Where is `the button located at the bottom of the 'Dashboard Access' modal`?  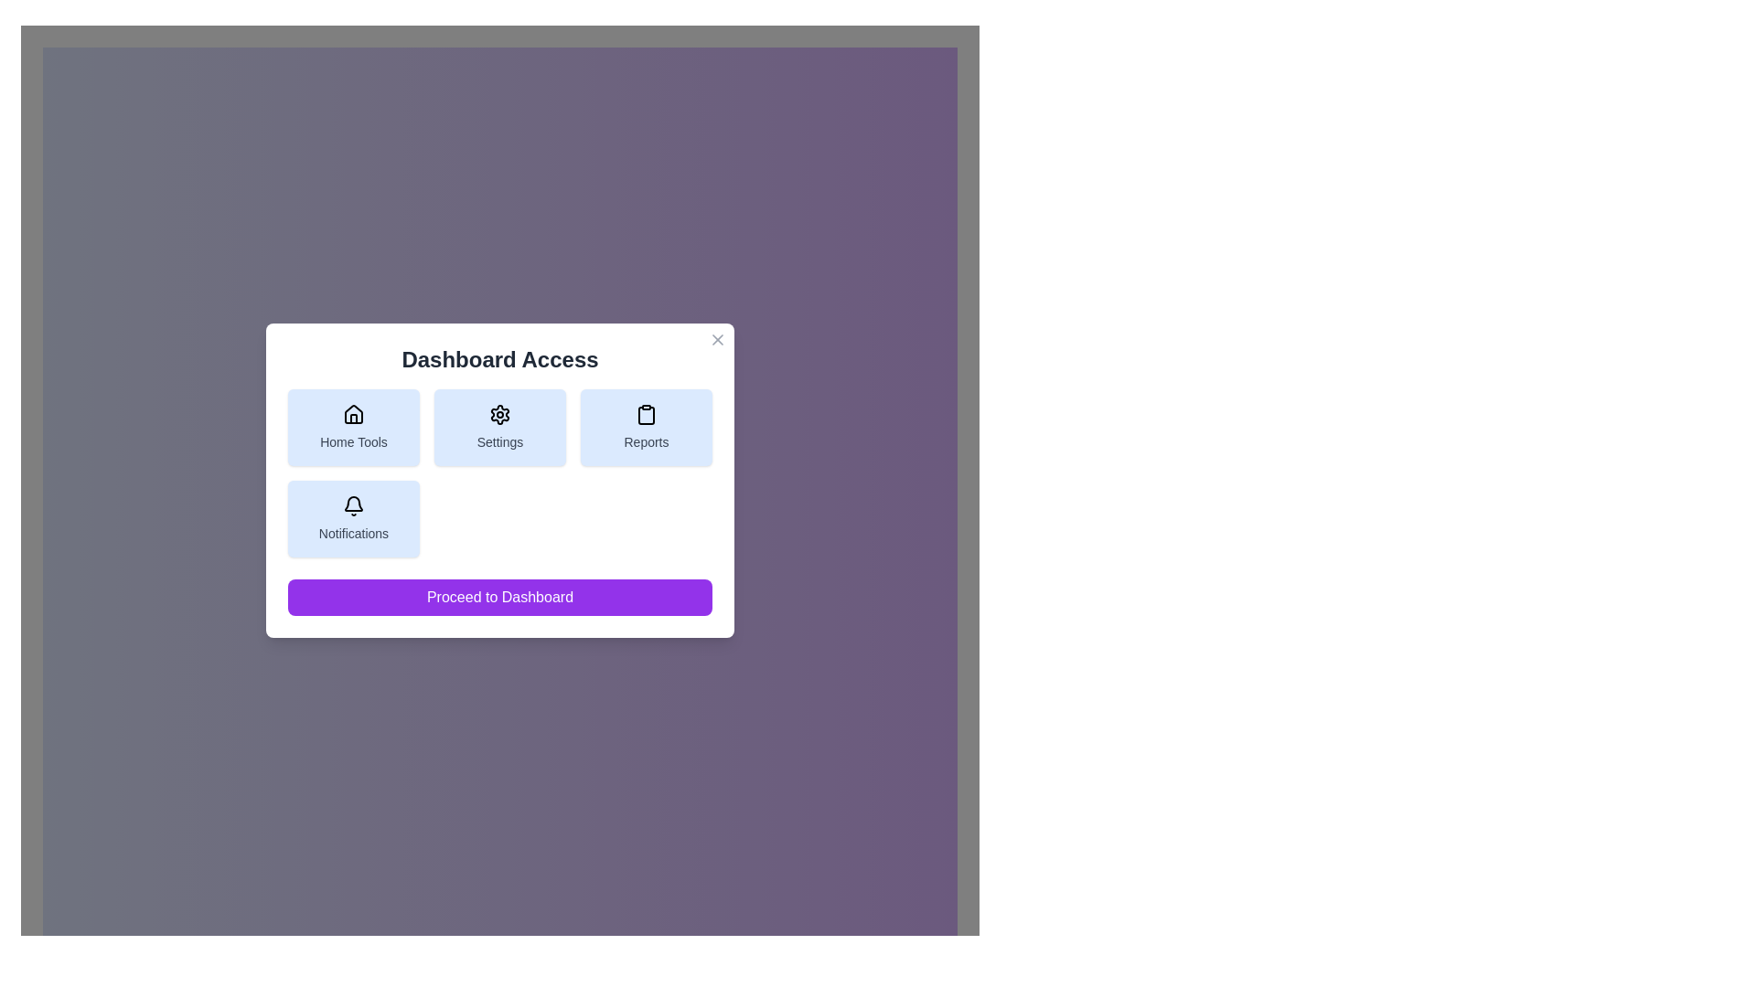
the button located at the bottom of the 'Dashboard Access' modal is located at coordinates (500, 598).